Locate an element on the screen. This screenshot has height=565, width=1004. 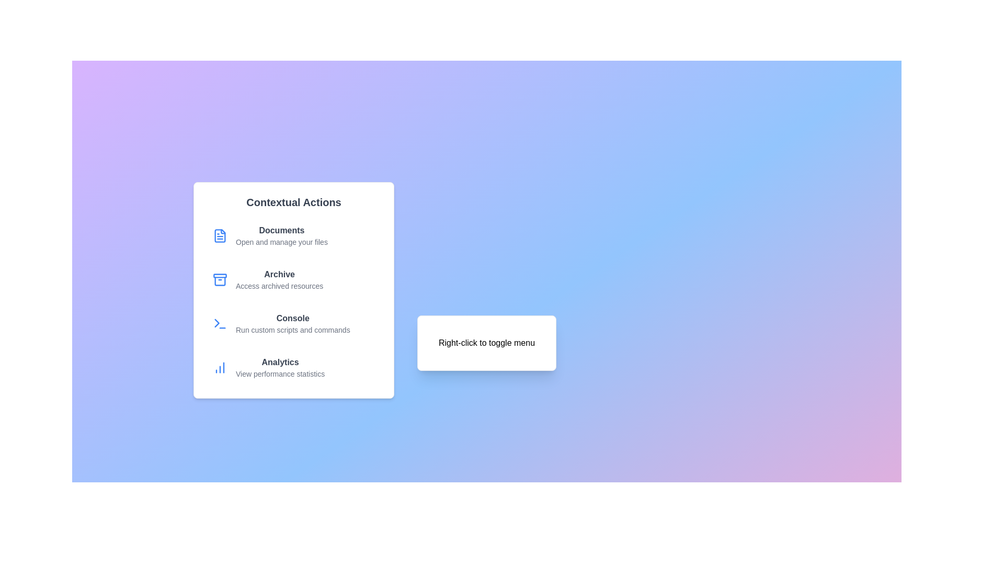
the menu option Archive to execute its action is located at coordinates (293, 279).